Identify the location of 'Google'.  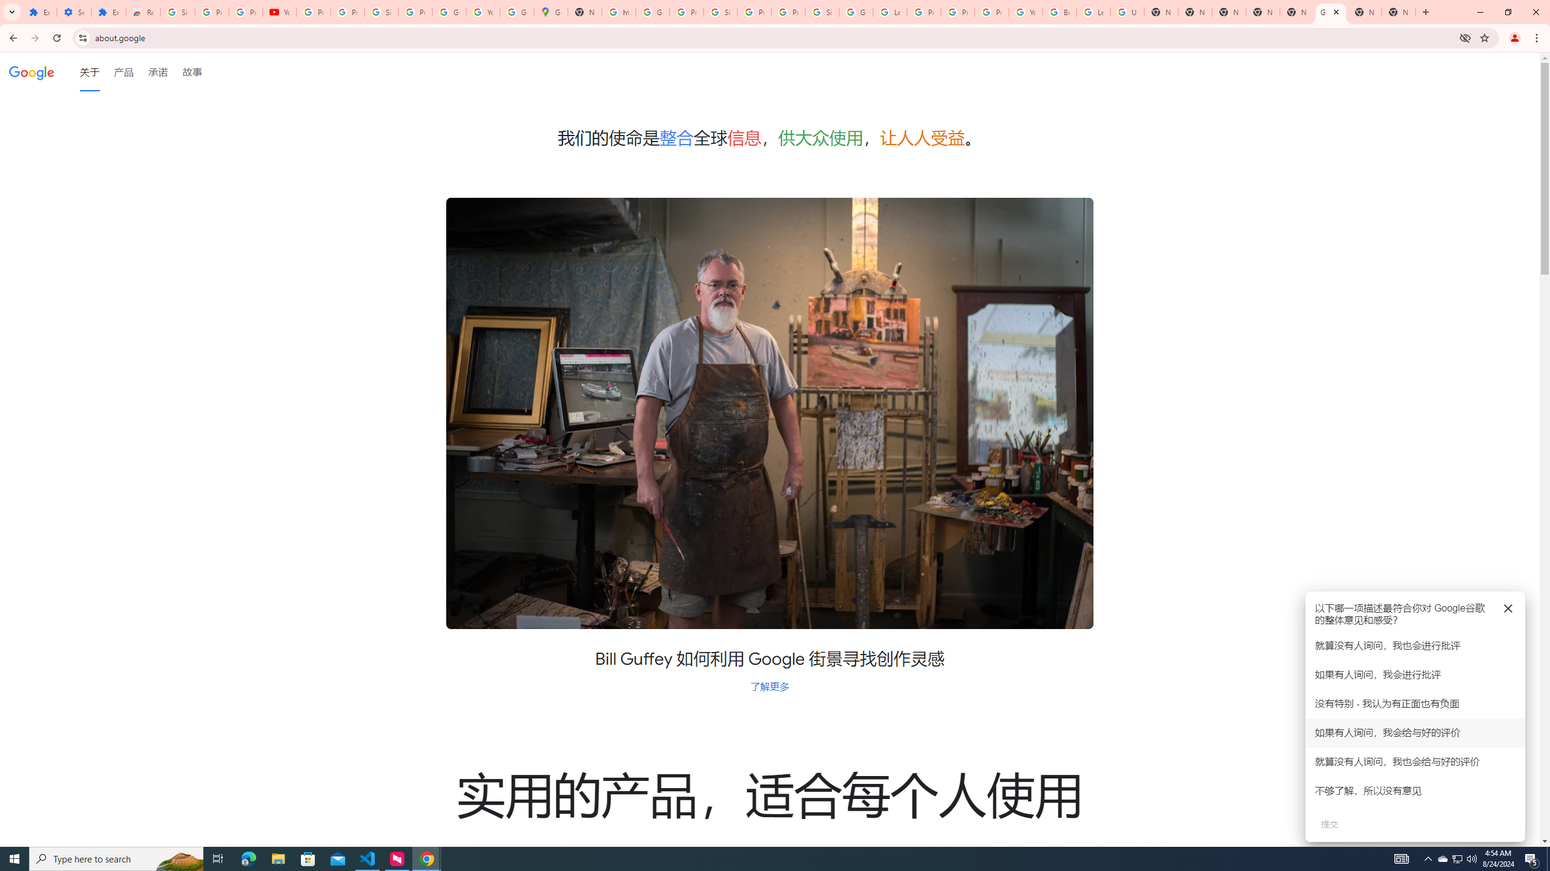
(31, 71).